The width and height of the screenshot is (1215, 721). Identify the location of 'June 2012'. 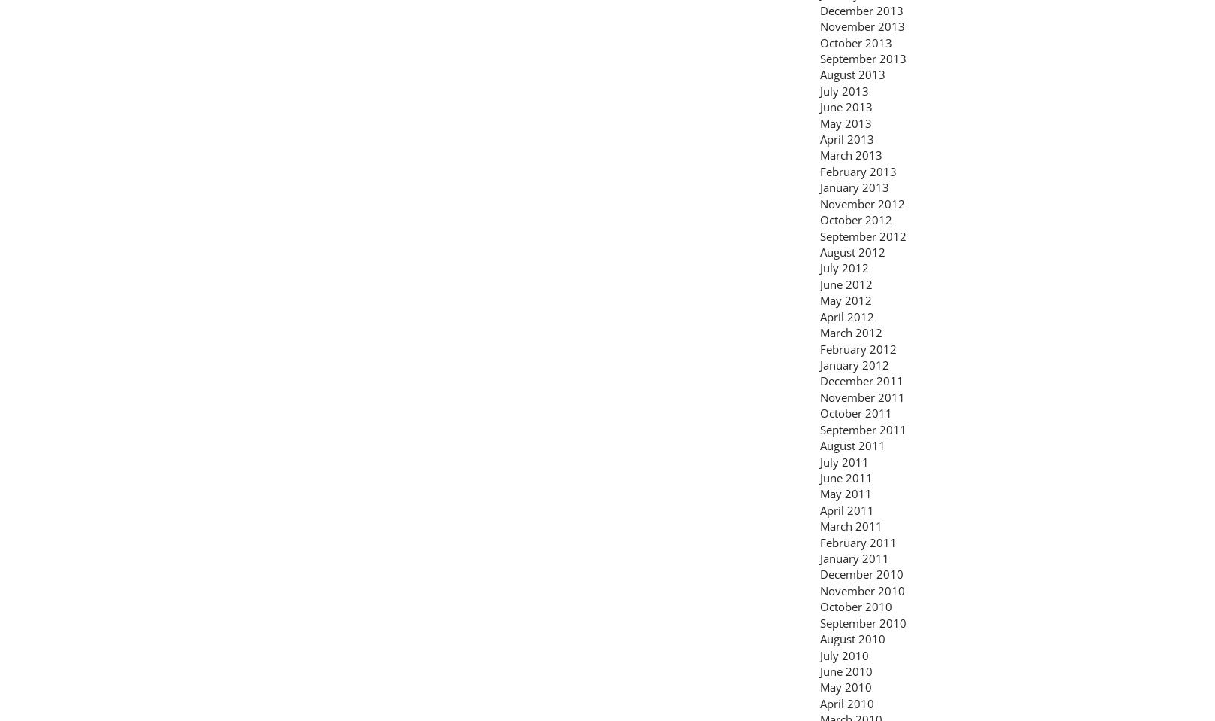
(846, 282).